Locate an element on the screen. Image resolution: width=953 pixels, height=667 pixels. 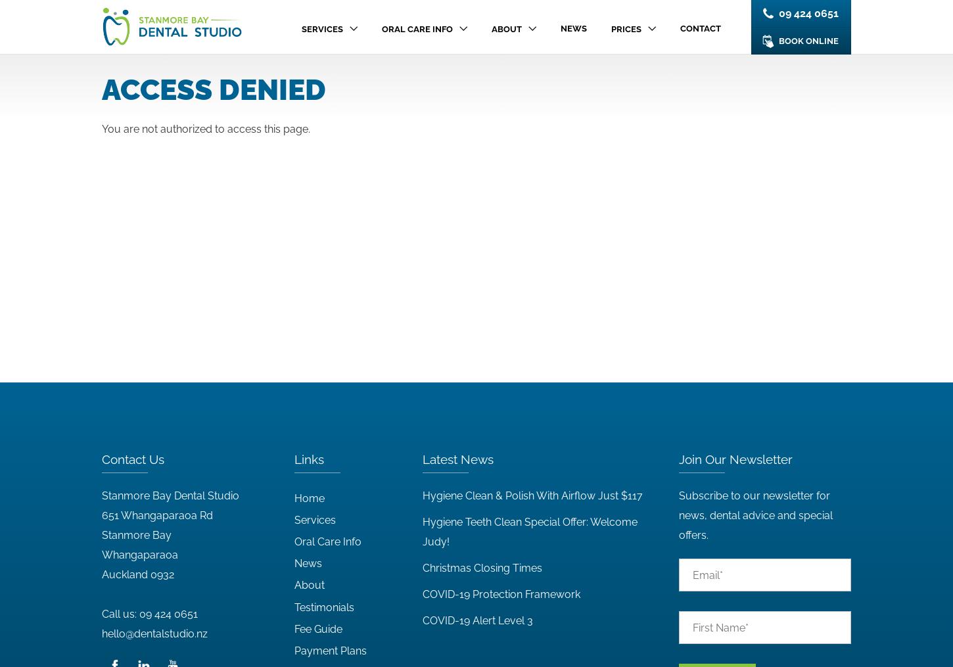
'Call us:' is located at coordinates (120, 613).